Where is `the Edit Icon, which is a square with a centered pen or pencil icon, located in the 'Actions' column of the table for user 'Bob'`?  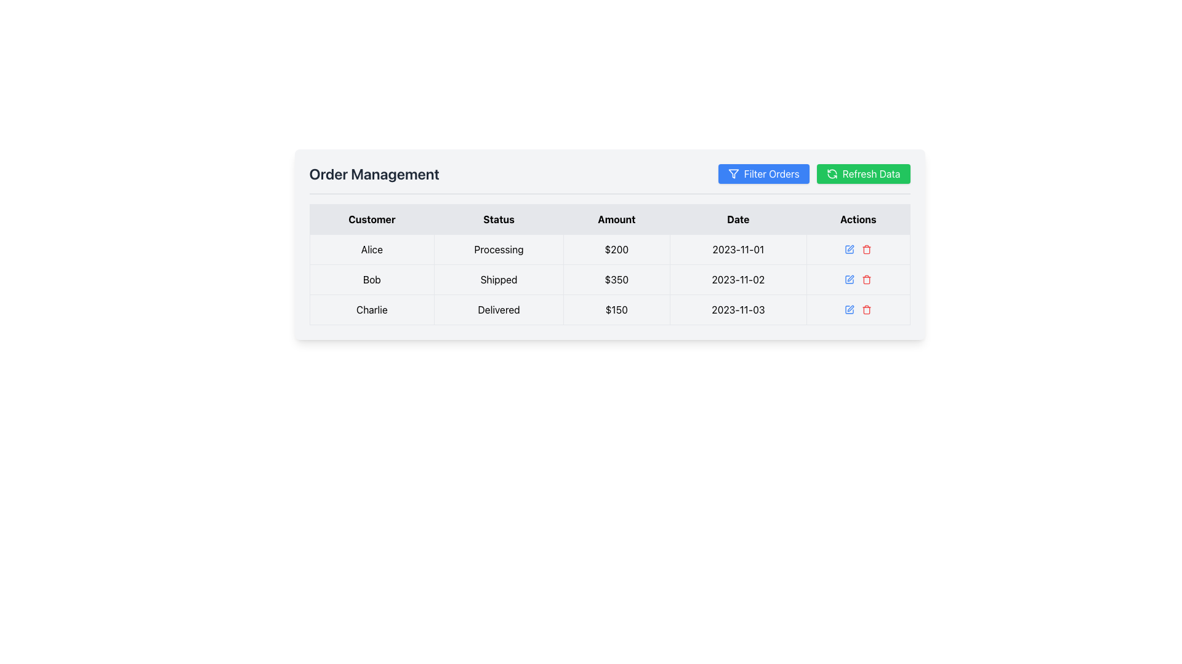 the Edit Icon, which is a square with a centered pen or pencil icon, located in the 'Actions' column of the table for user 'Bob' is located at coordinates (849, 249).